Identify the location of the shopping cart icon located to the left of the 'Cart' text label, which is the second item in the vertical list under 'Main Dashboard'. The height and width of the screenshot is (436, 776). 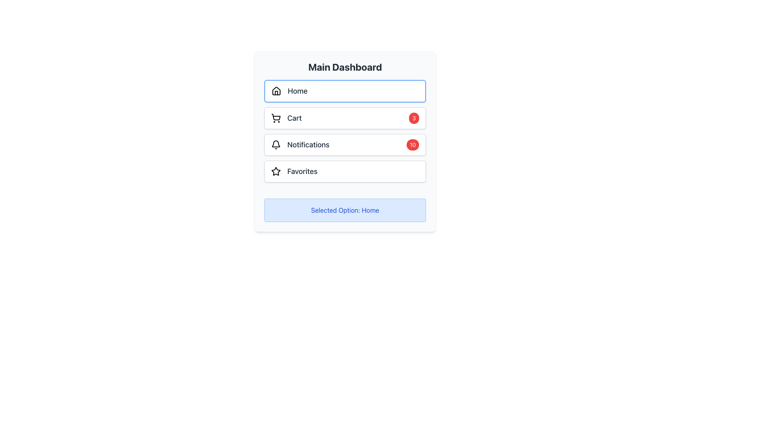
(276, 118).